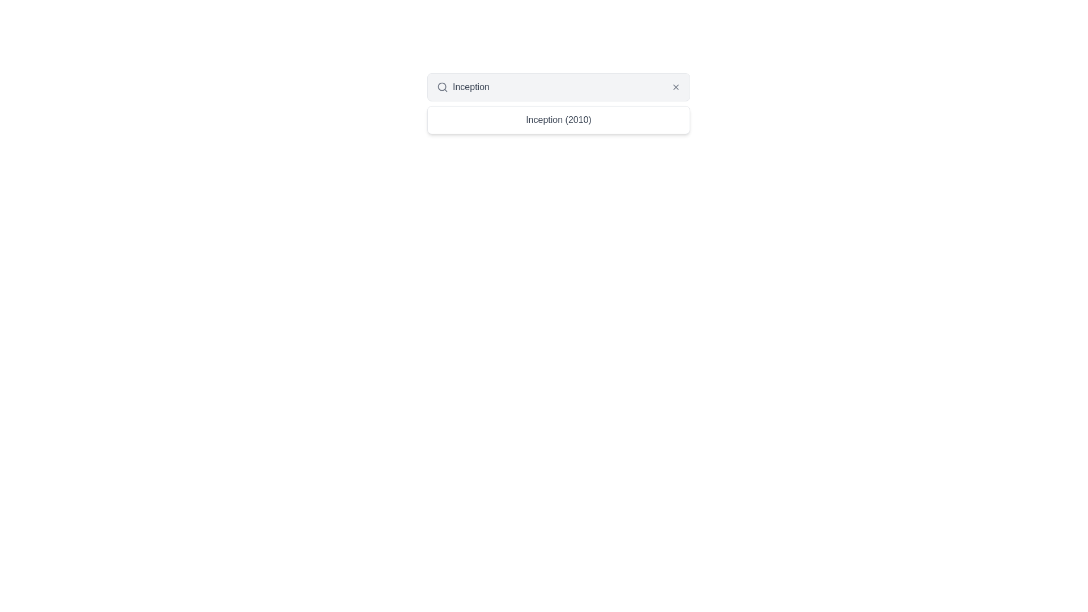  What do you see at coordinates (558, 120) in the screenshot?
I see `the text item displaying 'Inception (2010)' within the dropdown menu to change its background color` at bounding box center [558, 120].